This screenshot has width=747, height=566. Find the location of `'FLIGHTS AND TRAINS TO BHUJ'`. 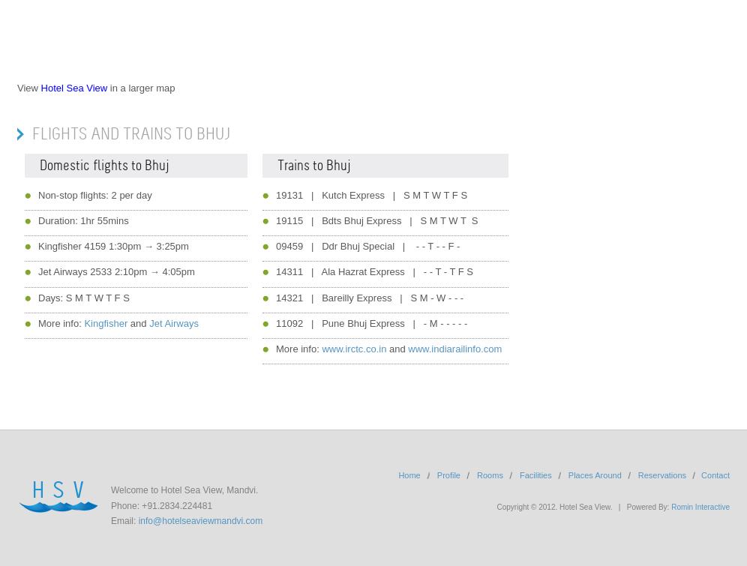

'FLIGHTS AND TRAINS TO BHUJ' is located at coordinates (31, 133).